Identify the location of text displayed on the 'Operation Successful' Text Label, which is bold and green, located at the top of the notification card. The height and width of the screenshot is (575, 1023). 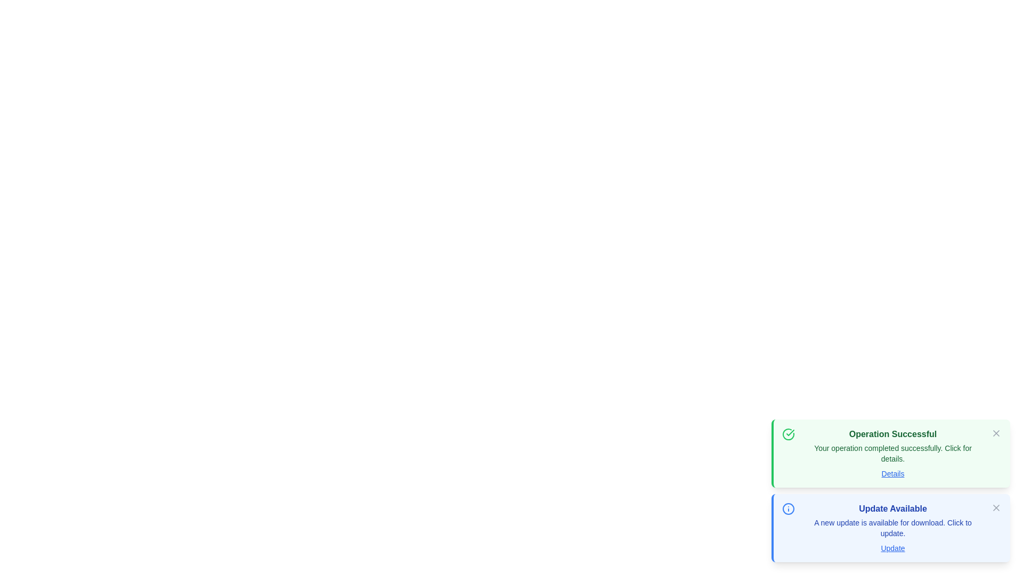
(892, 434).